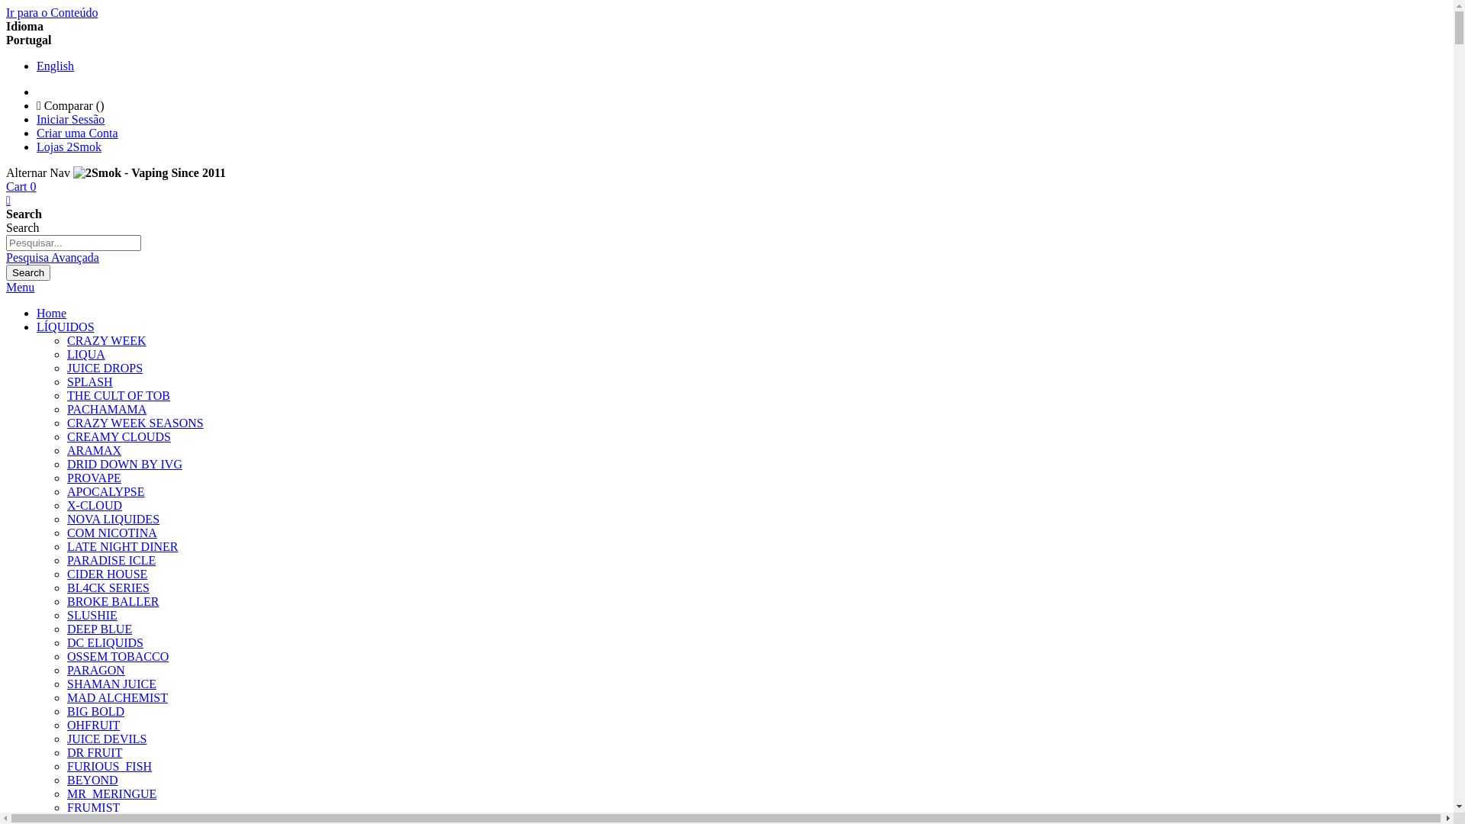 The image size is (1465, 824). I want to click on 'Lojas 2Smok', so click(68, 146).